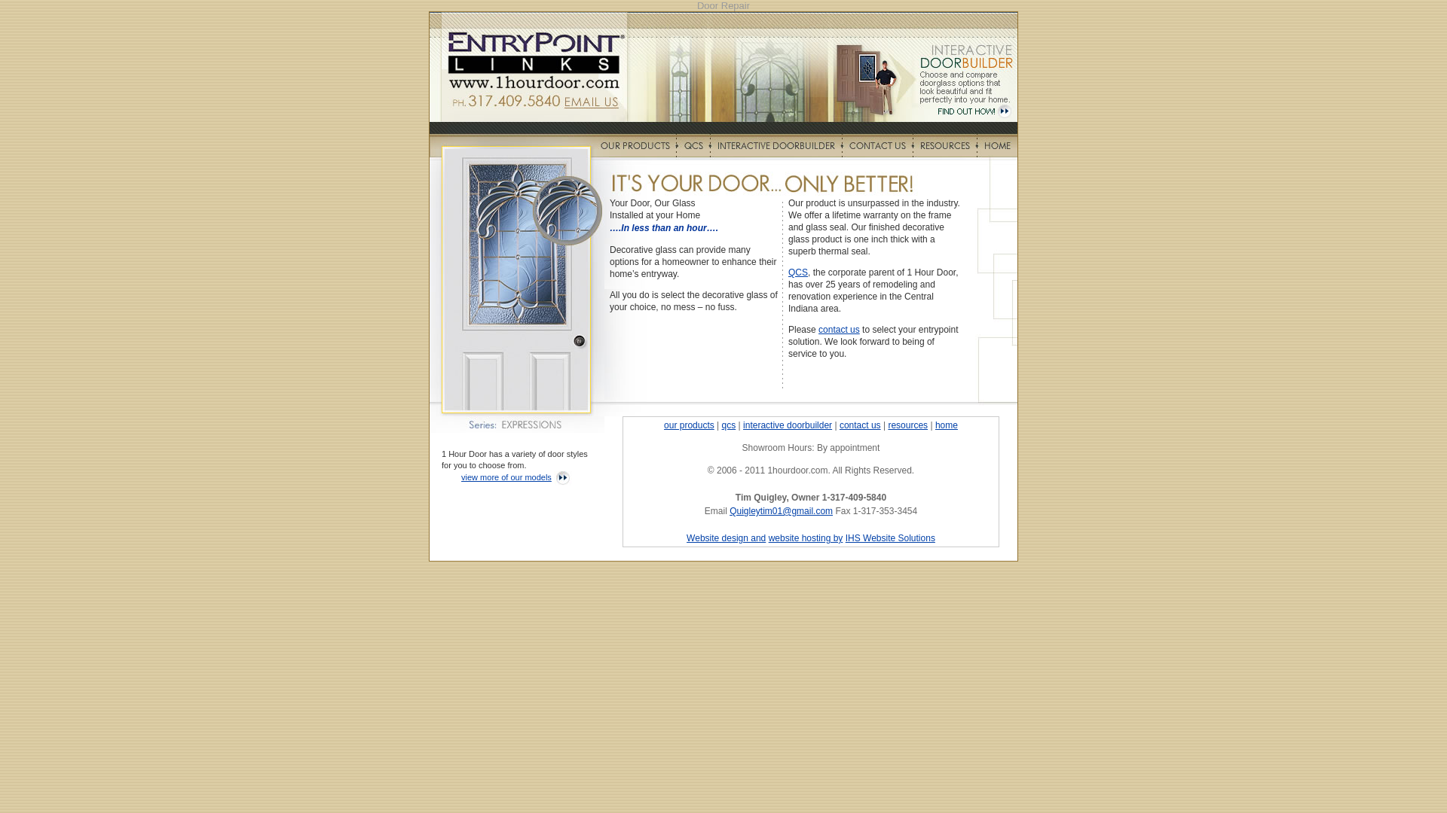 The height and width of the screenshot is (813, 1447). Describe the element at coordinates (935, 425) in the screenshot. I see `'home'` at that location.